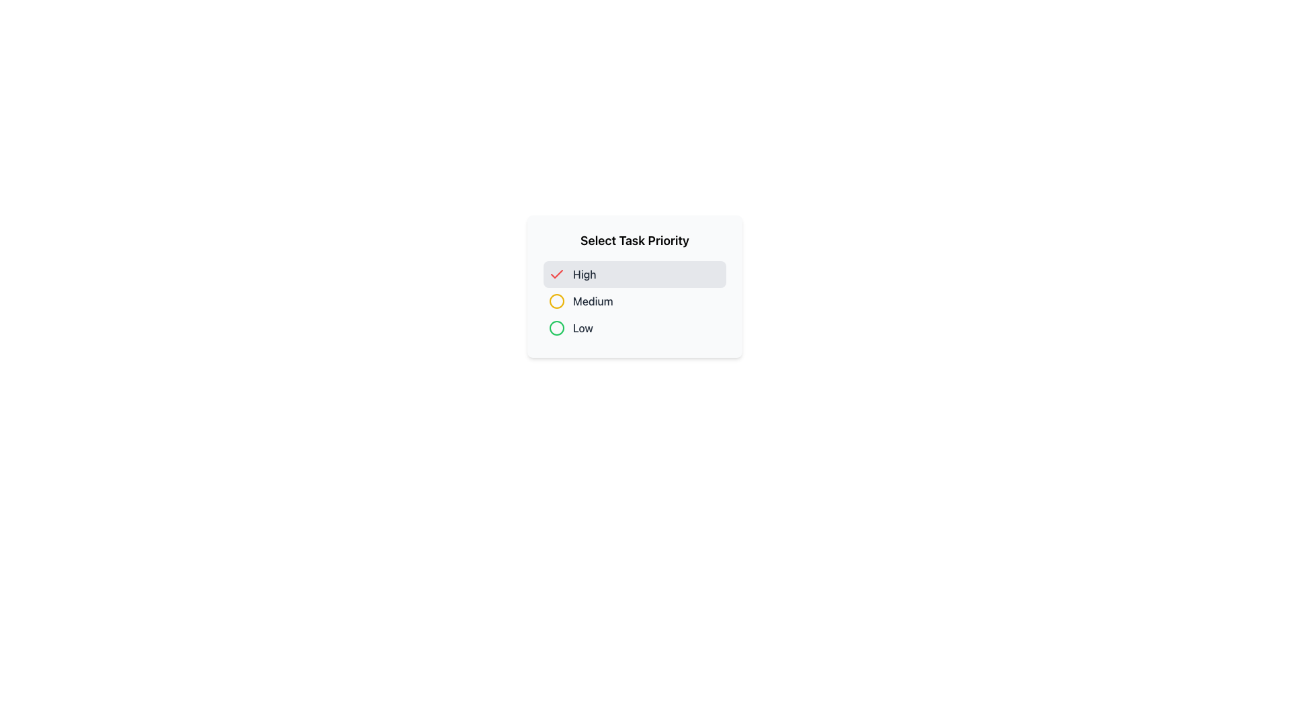 The image size is (1290, 725). What do you see at coordinates (634, 300) in the screenshot?
I see `the 'Medium' selector option which is the second option in the list under 'Select Task Priority'` at bounding box center [634, 300].